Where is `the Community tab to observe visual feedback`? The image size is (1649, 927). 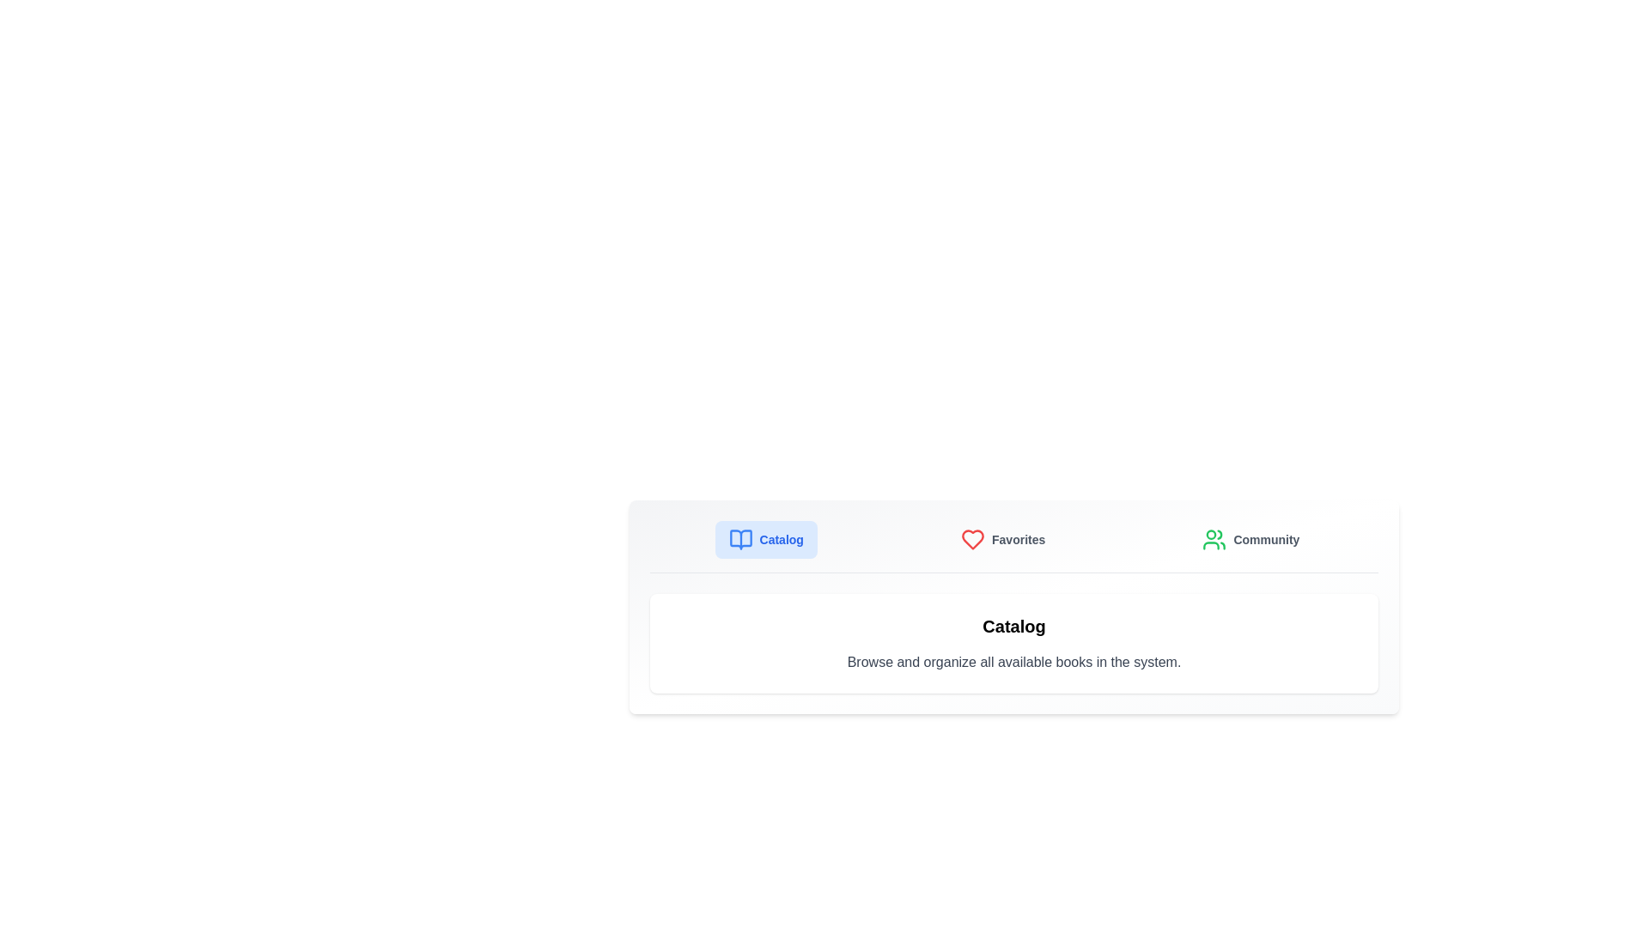 the Community tab to observe visual feedback is located at coordinates (1250, 538).